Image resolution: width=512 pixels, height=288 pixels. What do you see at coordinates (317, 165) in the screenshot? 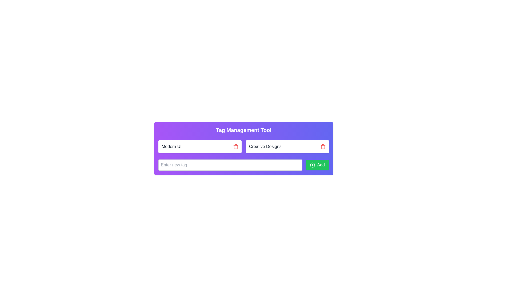
I see `the green rectangular button labeled 'Add' with a white plus icon` at bounding box center [317, 165].